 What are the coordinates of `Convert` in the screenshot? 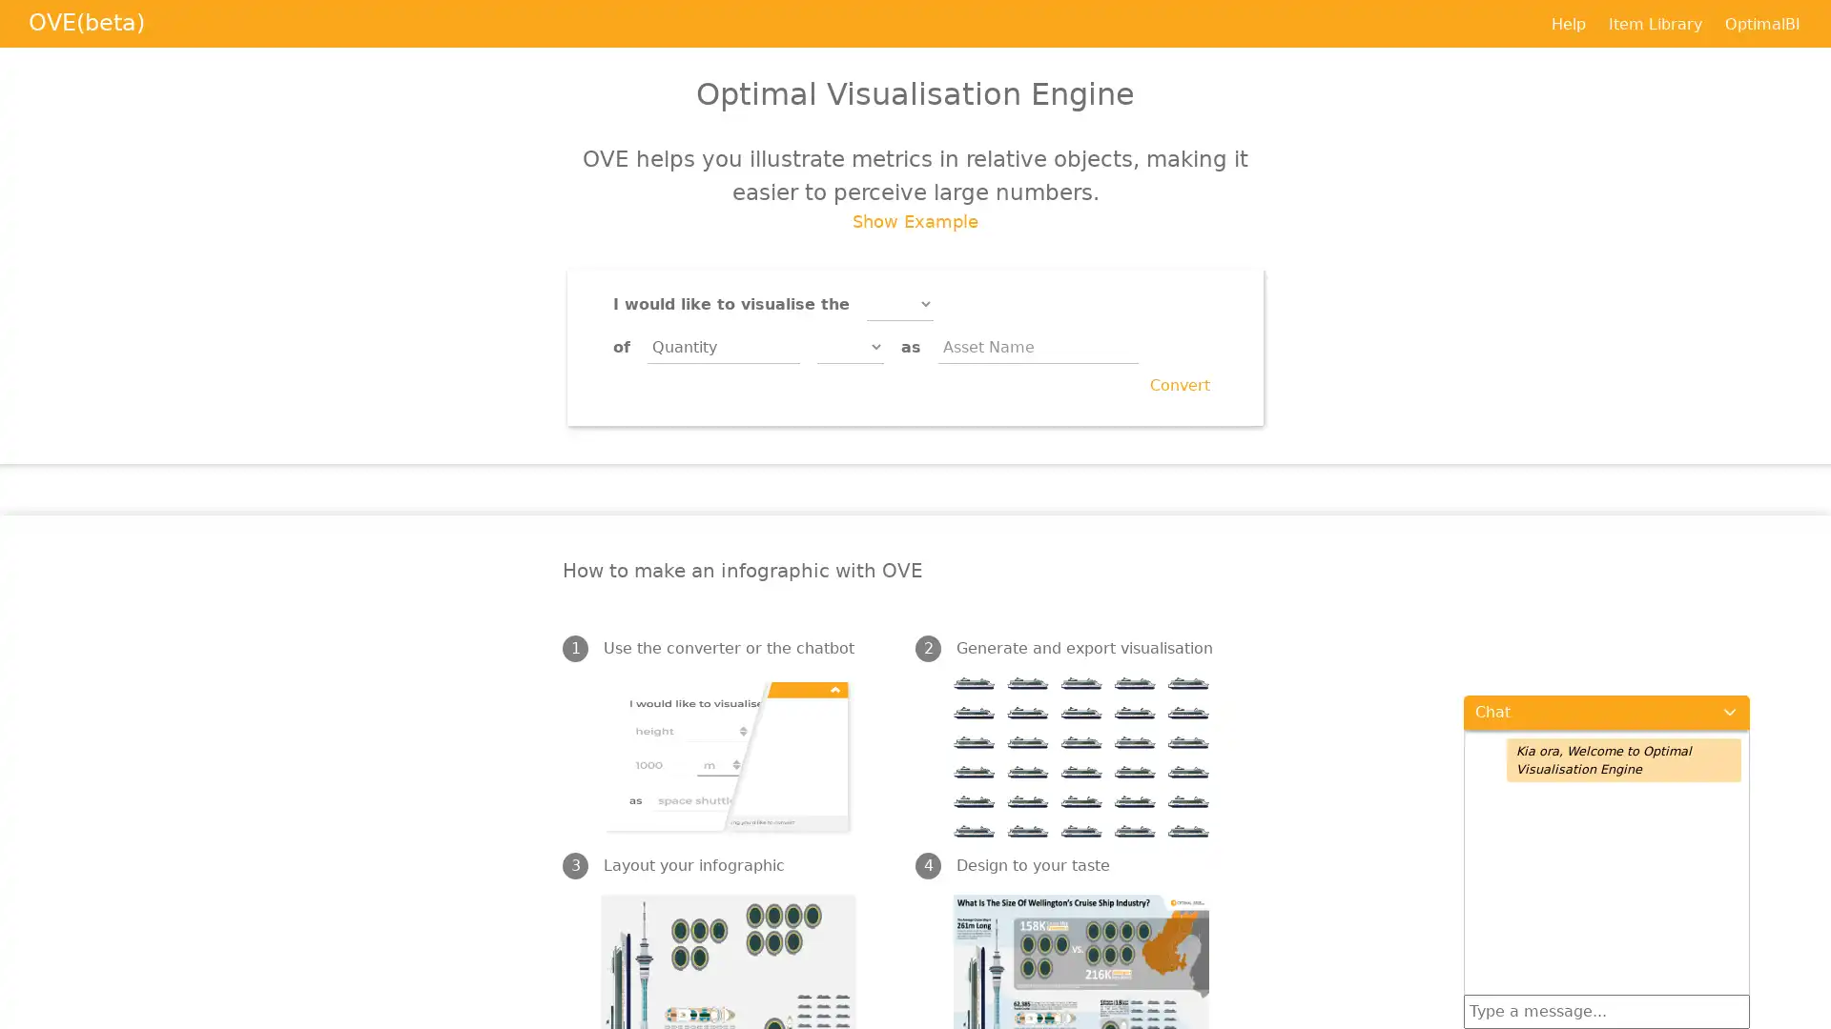 It's located at (1179, 386).